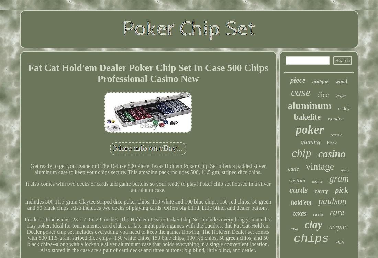 This screenshot has height=258, width=378. I want to click on 'wood', so click(341, 81).